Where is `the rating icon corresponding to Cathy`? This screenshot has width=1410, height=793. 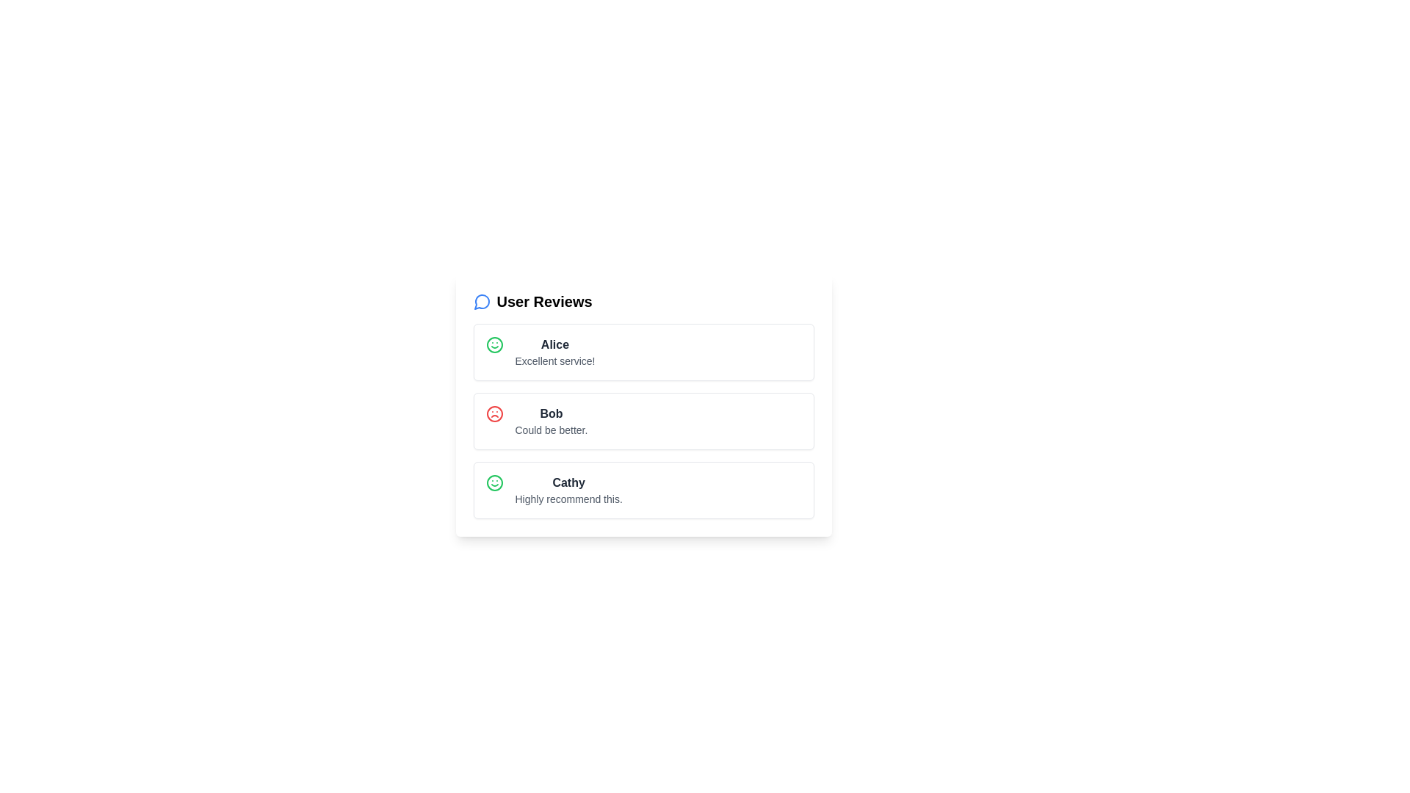 the rating icon corresponding to Cathy is located at coordinates (494, 483).